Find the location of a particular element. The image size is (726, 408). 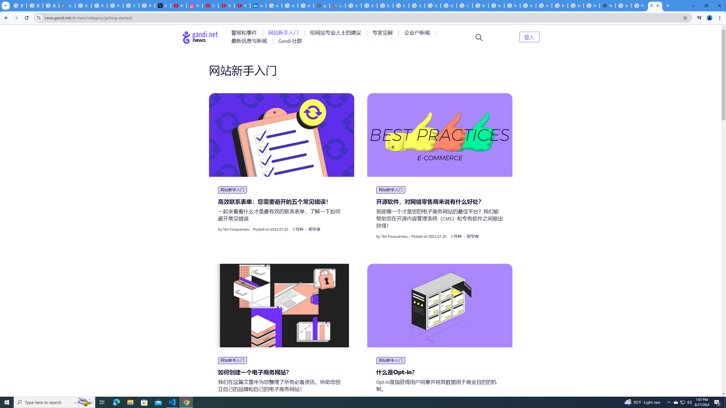

'Browse Chrome as a guest - Computer - Google Chrome Help' is located at coordinates (560, 5).